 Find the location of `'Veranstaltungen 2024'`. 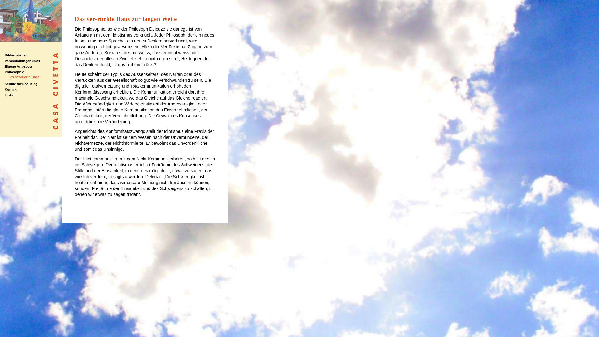

'Veranstaltungen 2024' is located at coordinates (22, 61).